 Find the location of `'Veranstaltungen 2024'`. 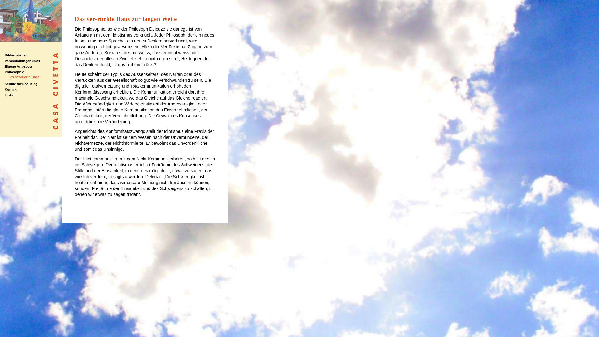

'Veranstaltungen 2024' is located at coordinates (22, 61).